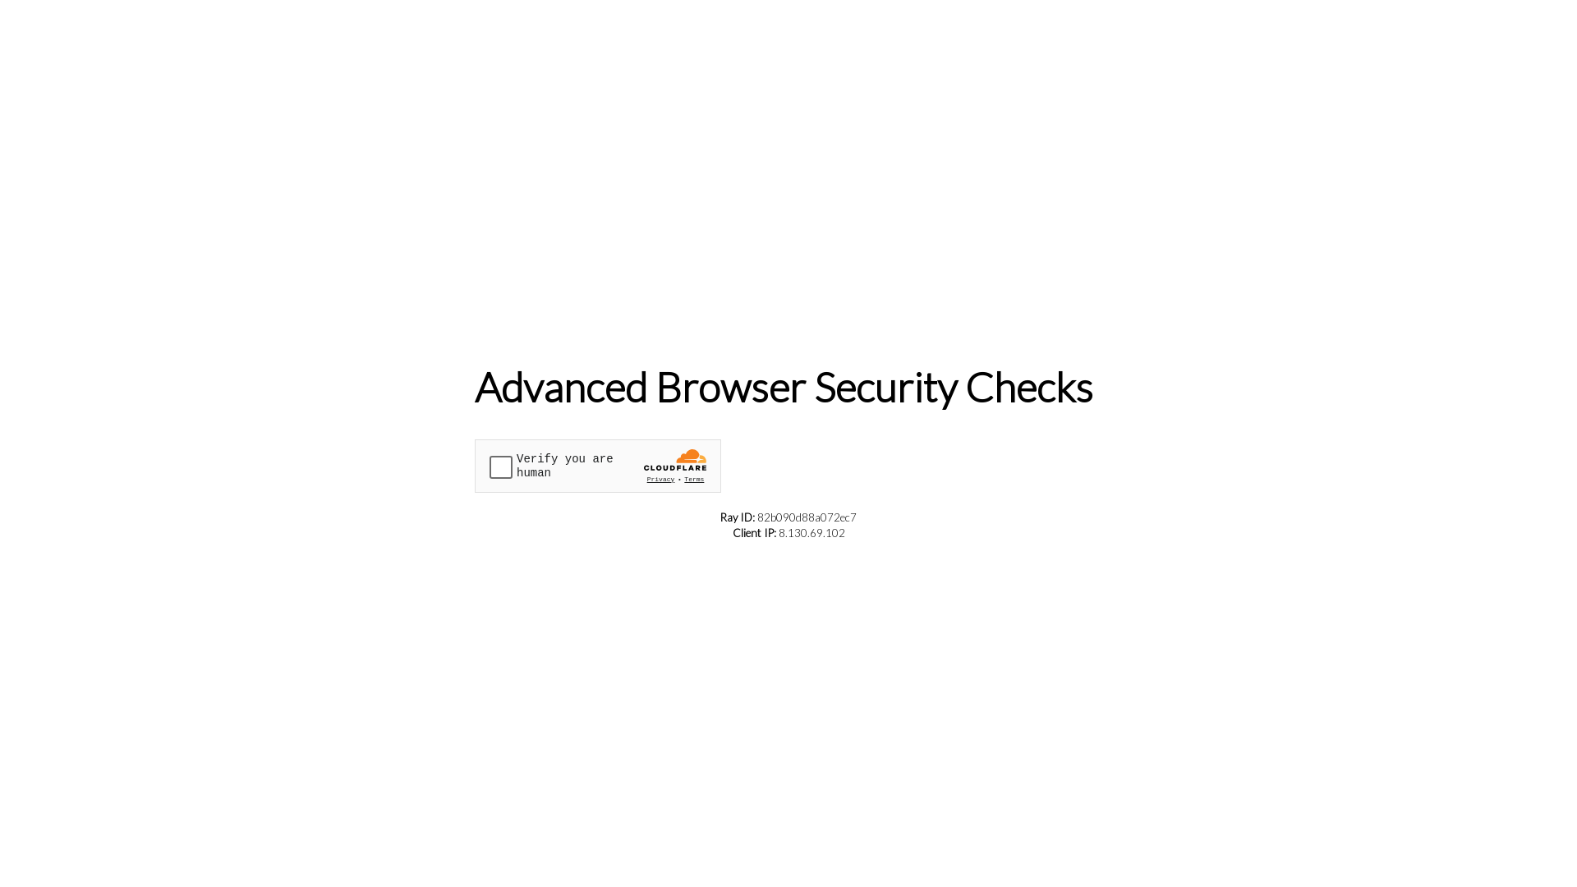 The image size is (1577, 887). Describe the element at coordinates (597, 465) in the screenshot. I see `'Widget containing a Cloudflare security challenge'` at that location.